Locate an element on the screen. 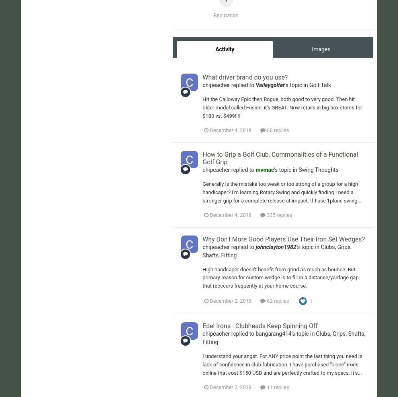 This screenshot has height=397, width=398. 'Cookies' is located at coordinates (238, 141).